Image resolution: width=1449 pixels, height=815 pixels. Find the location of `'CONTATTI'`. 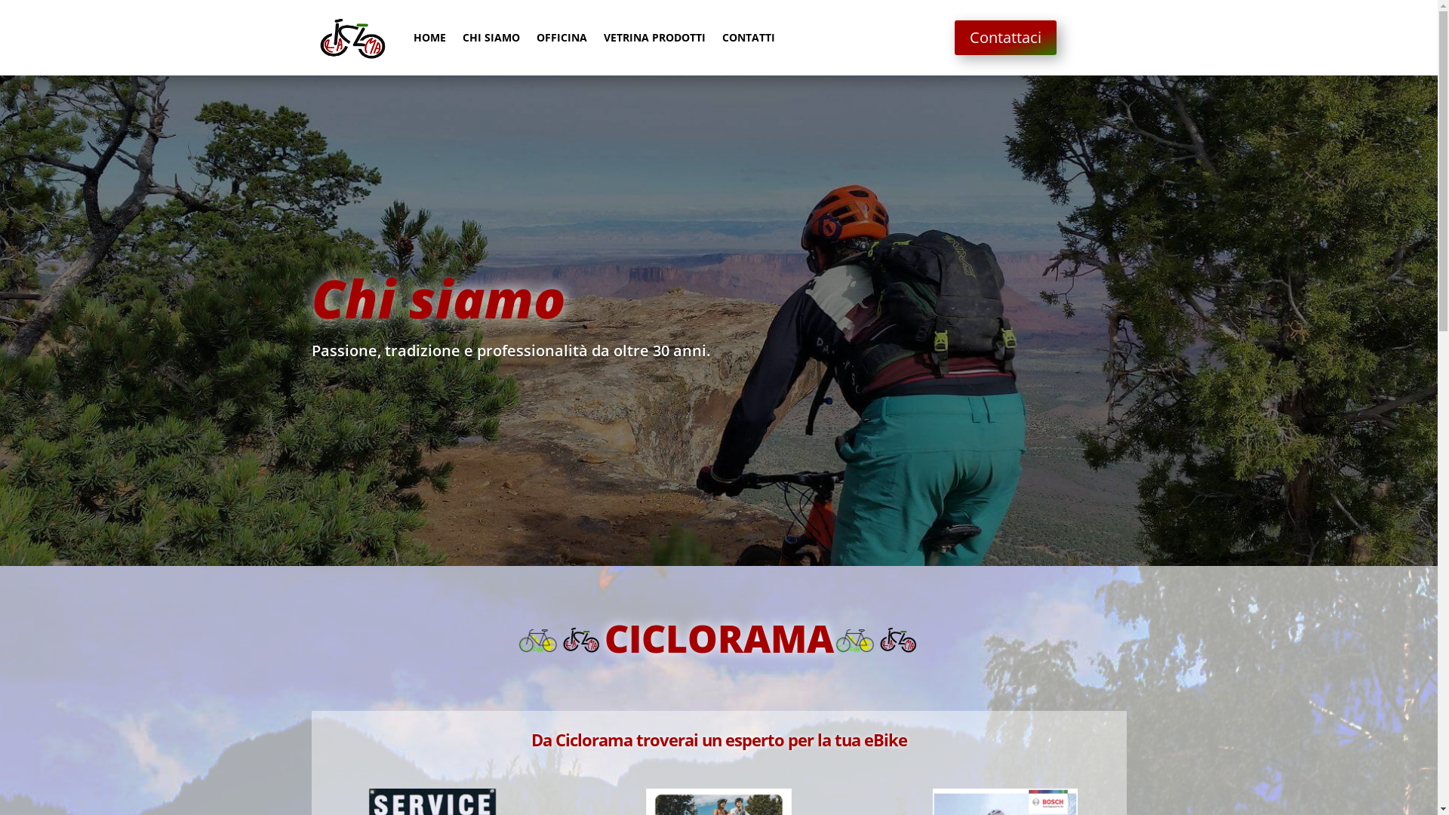

'CONTATTI' is located at coordinates (747, 37).